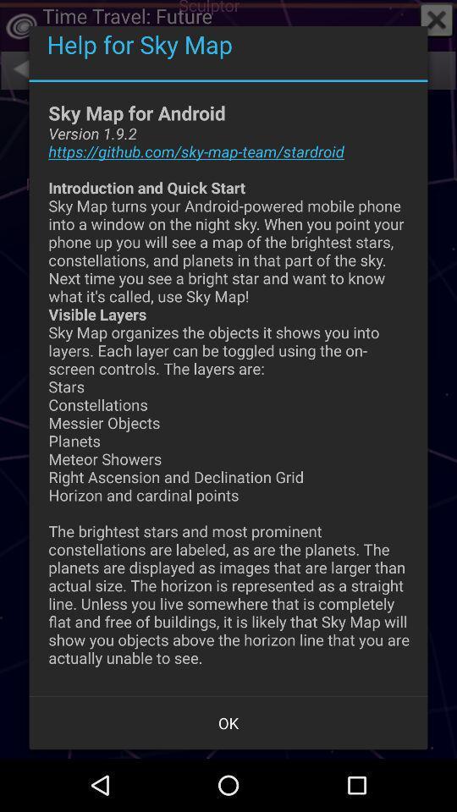 Image resolution: width=457 pixels, height=812 pixels. I want to click on the item at the bottom, so click(228, 721).